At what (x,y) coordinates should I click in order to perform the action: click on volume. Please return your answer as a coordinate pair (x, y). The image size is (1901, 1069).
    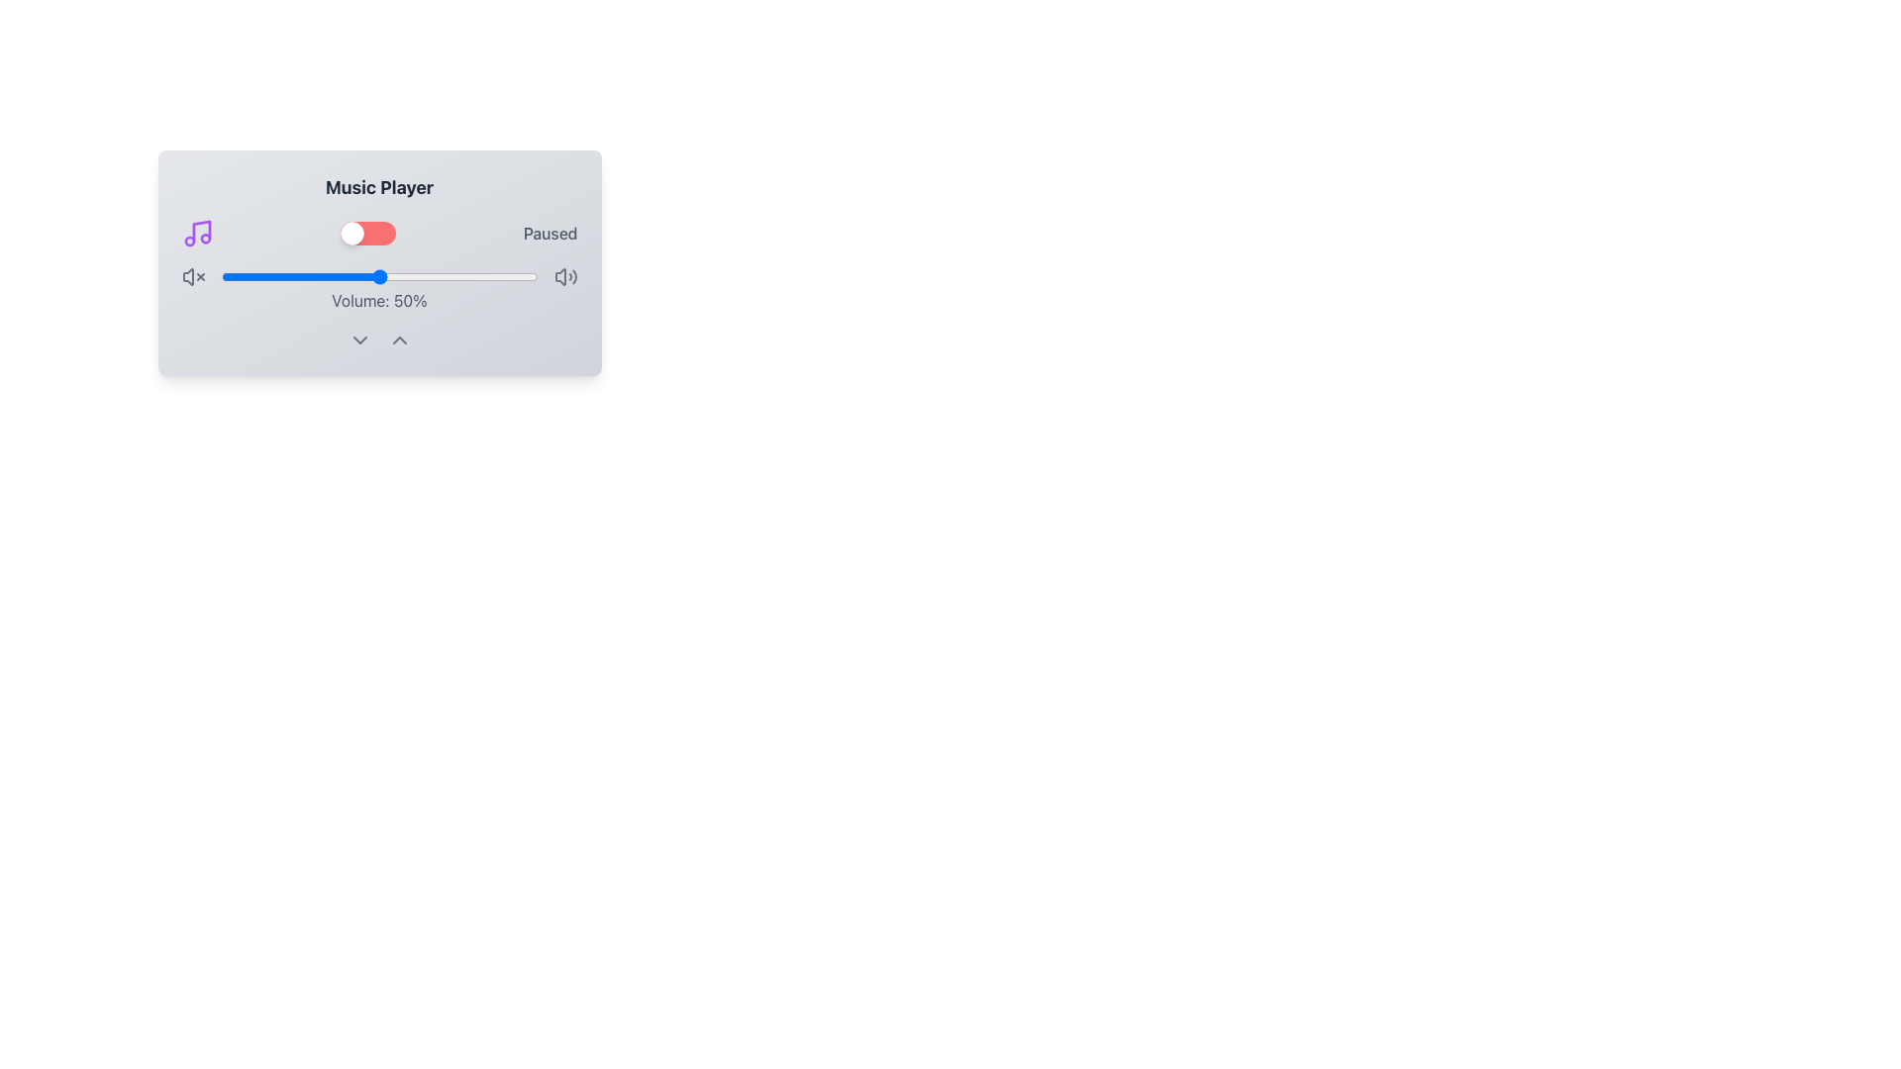
    Looking at the image, I should click on (293, 277).